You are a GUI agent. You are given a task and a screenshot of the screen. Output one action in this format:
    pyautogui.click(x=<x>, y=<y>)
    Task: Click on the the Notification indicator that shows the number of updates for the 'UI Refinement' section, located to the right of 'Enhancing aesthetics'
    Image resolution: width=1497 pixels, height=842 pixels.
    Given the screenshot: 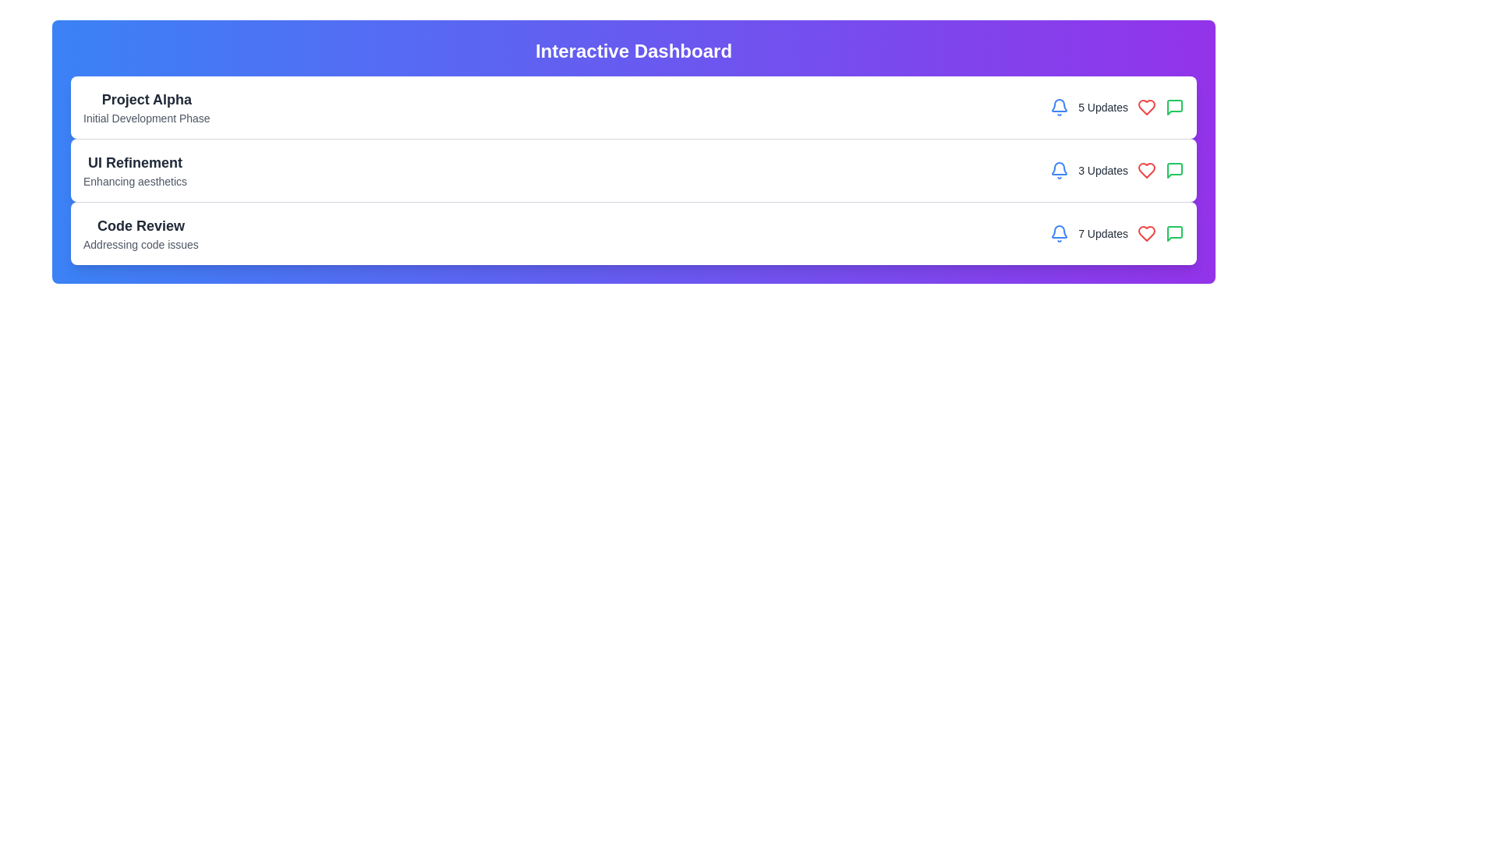 What is the action you would take?
    pyautogui.click(x=1117, y=171)
    